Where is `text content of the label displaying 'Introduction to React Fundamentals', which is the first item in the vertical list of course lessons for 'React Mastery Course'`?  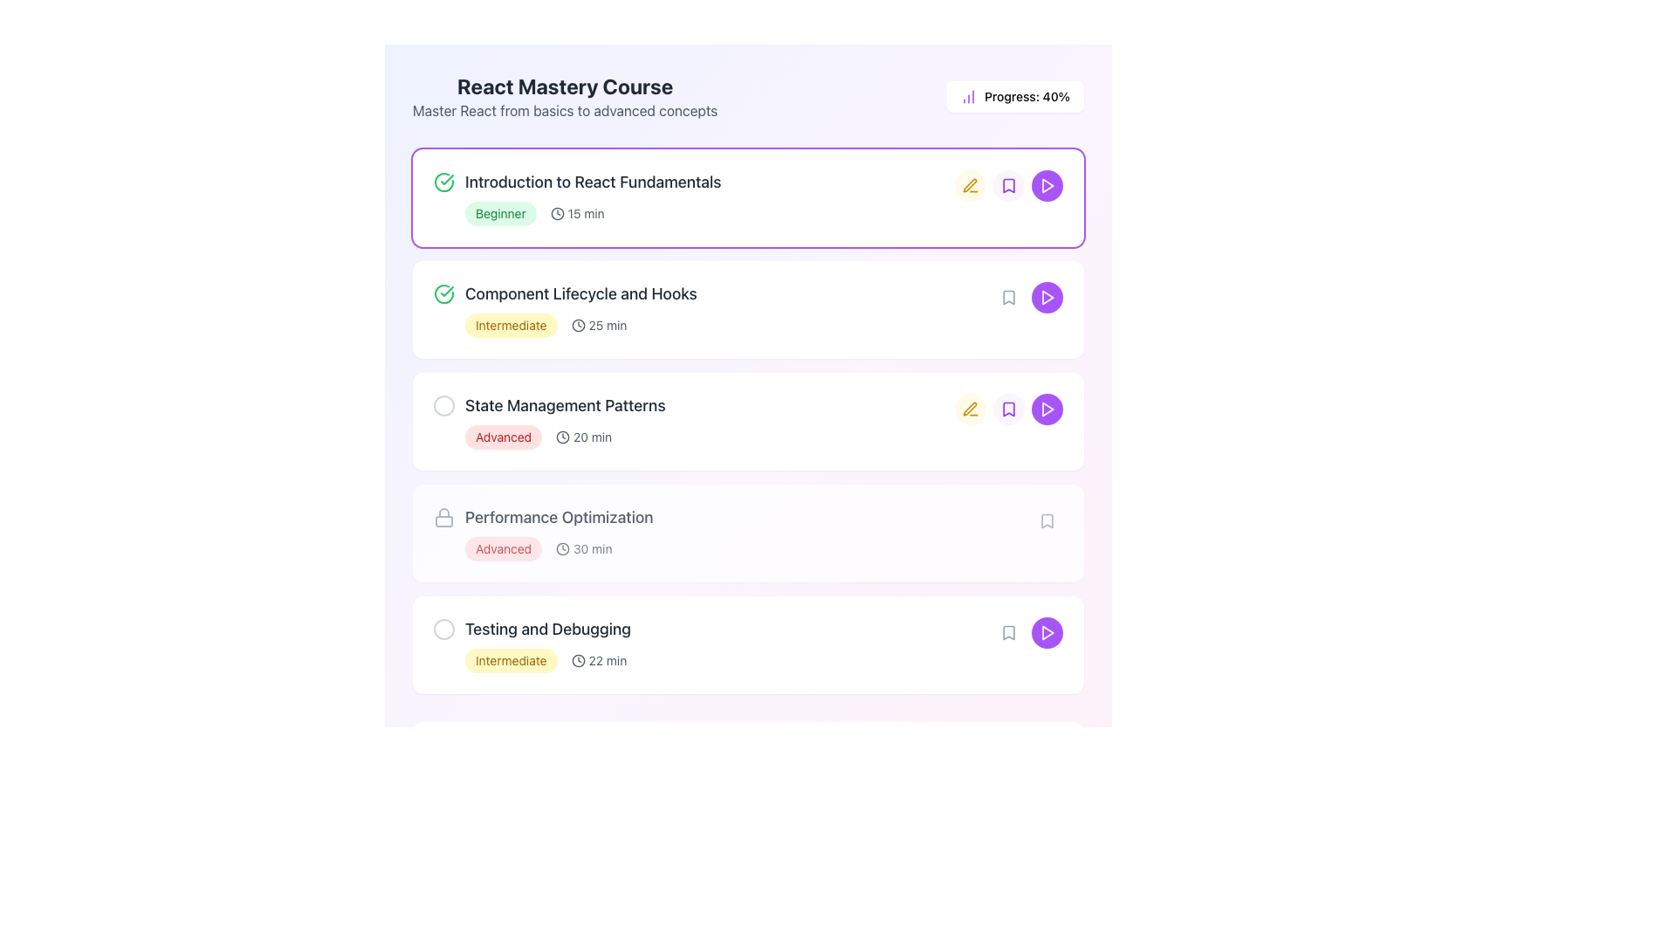 text content of the label displaying 'Introduction to React Fundamentals', which is the first item in the vertical list of course lessons for 'React Mastery Course' is located at coordinates (593, 182).